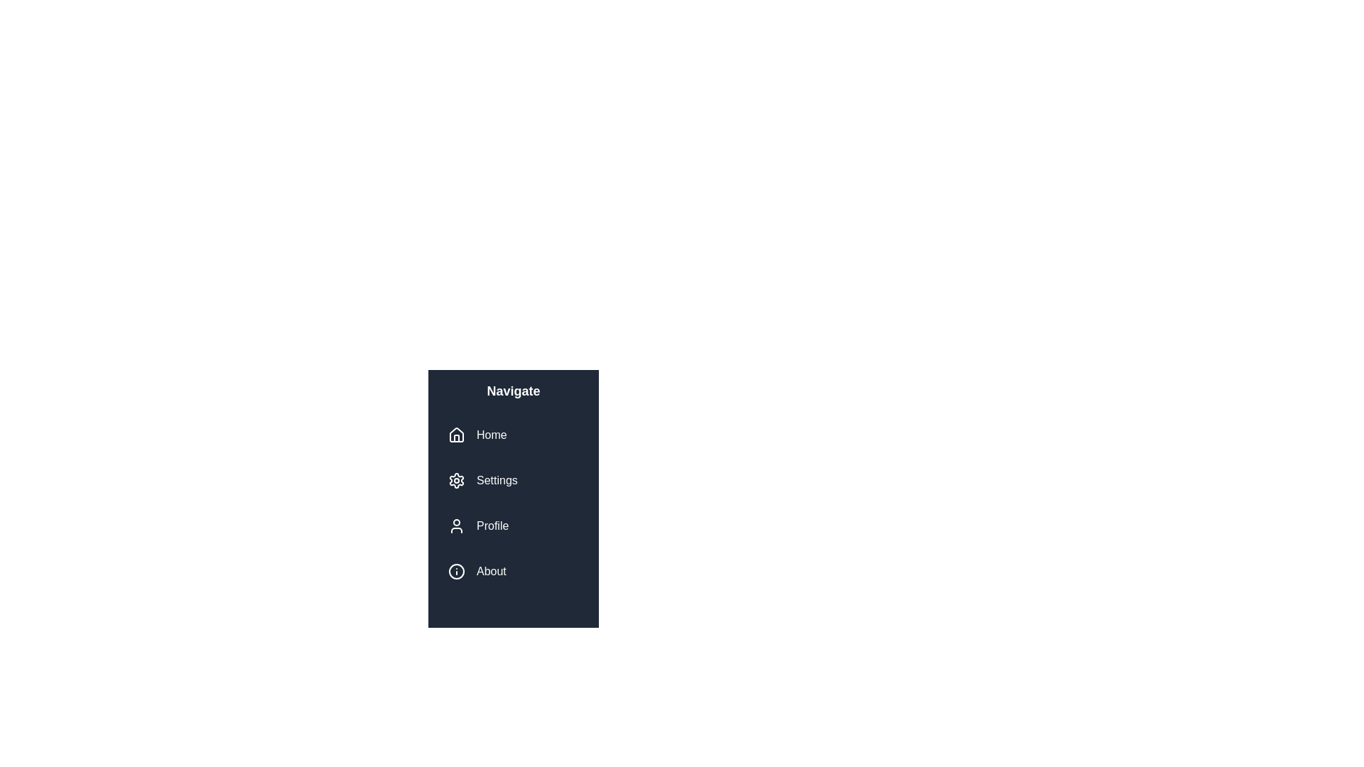  Describe the element at coordinates (491, 571) in the screenshot. I see `the 'About' text label in the sidebar navigation menu` at that location.